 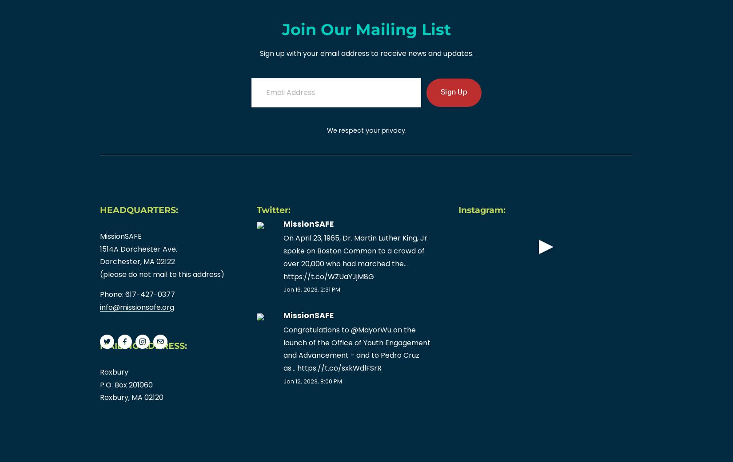 What do you see at coordinates (137, 293) in the screenshot?
I see `'Phone: 617-427-0377'` at bounding box center [137, 293].